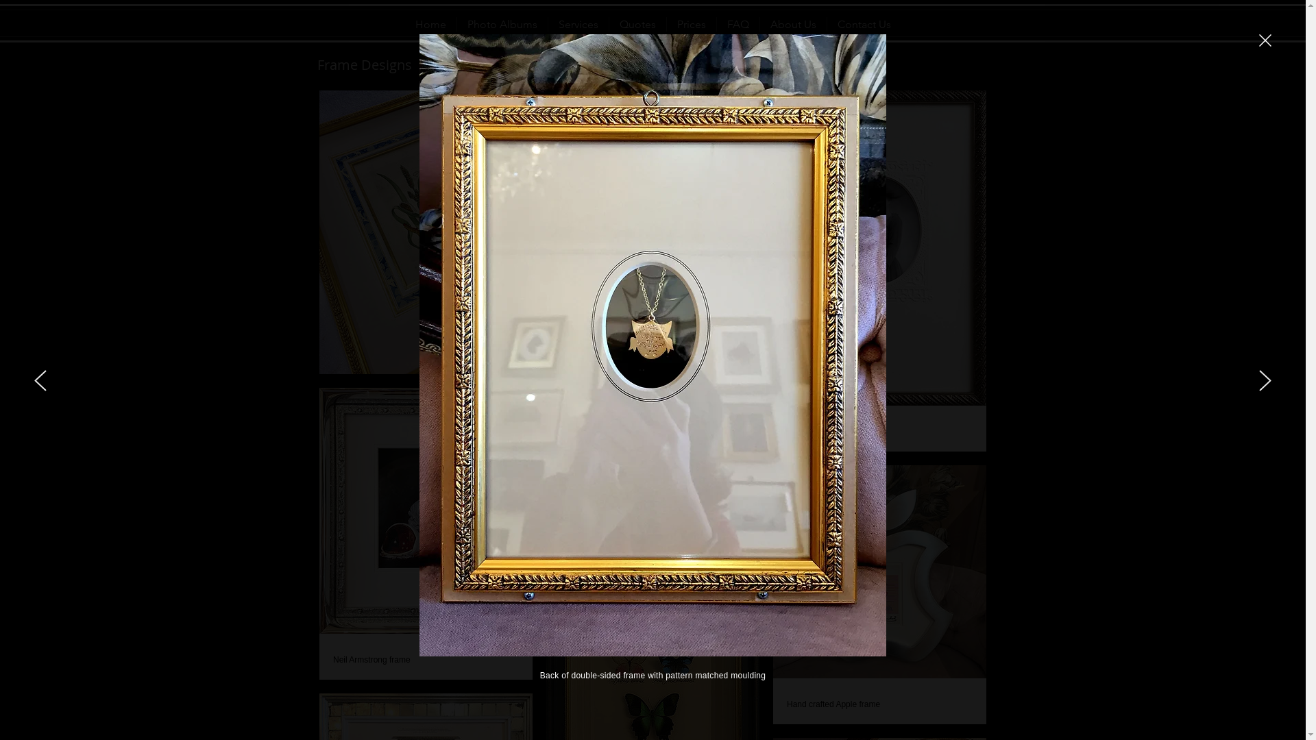  What do you see at coordinates (429, 23) in the screenshot?
I see `'Home'` at bounding box center [429, 23].